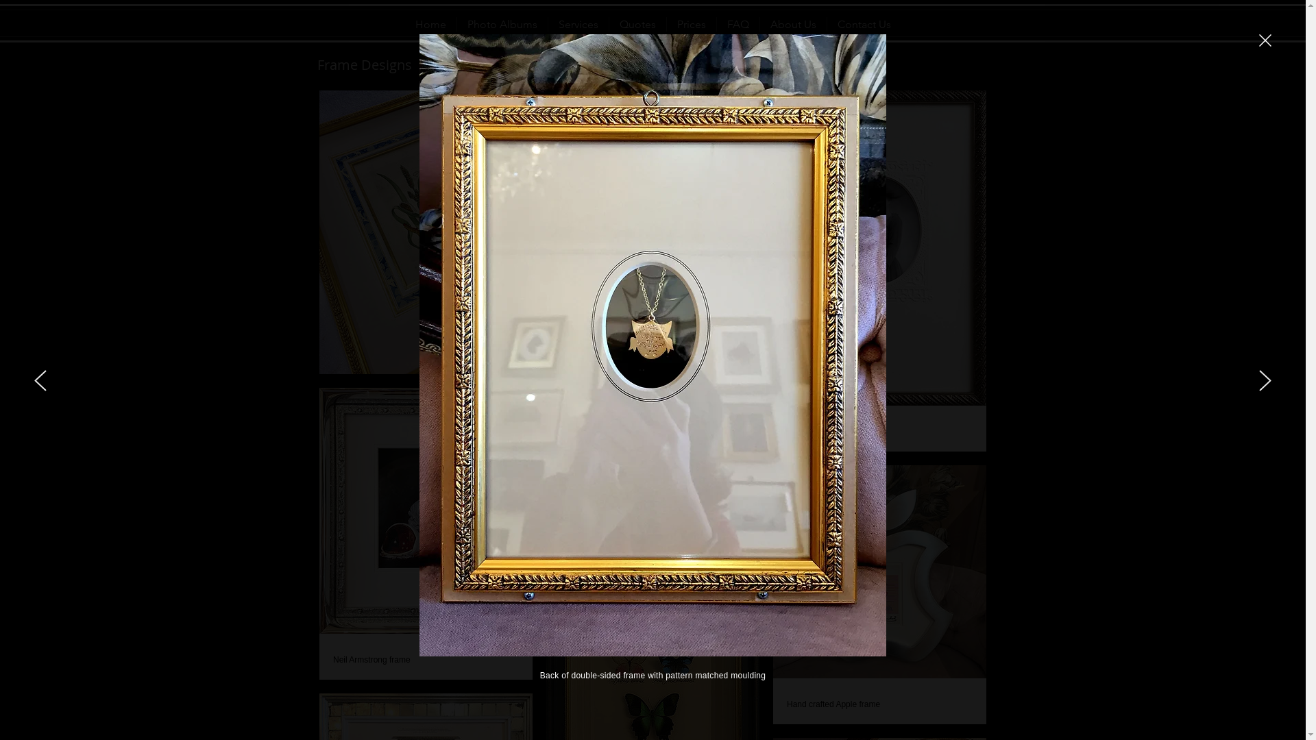  What do you see at coordinates (429, 23) in the screenshot?
I see `'Home'` at bounding box center [429, 23].